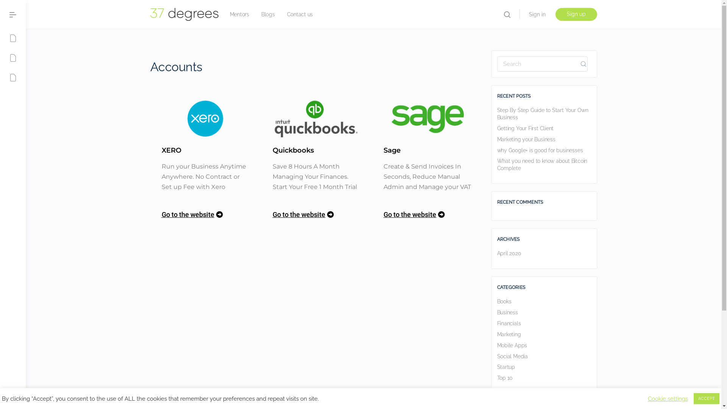 The image size is (727, 409). What do you see at coordinates (300, 14) in the screenshot?
I see `'Contact us'` at bounding box center [300, 14].